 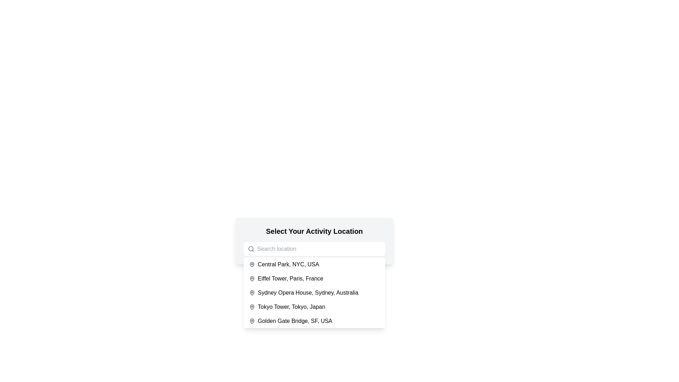 What do you see at coordinates (252, 264) in the screenshot?
I see `the map pin icon indicating 'Central Park, NYC, USA' located in the dropdown menu under the 'Search location' input field` at bounding box center [252, 264].